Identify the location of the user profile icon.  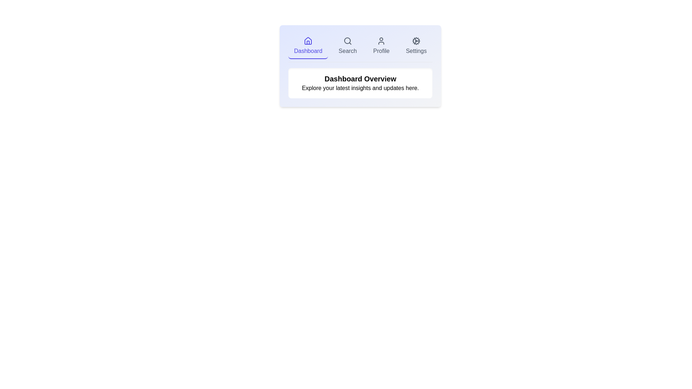
(381, 41).